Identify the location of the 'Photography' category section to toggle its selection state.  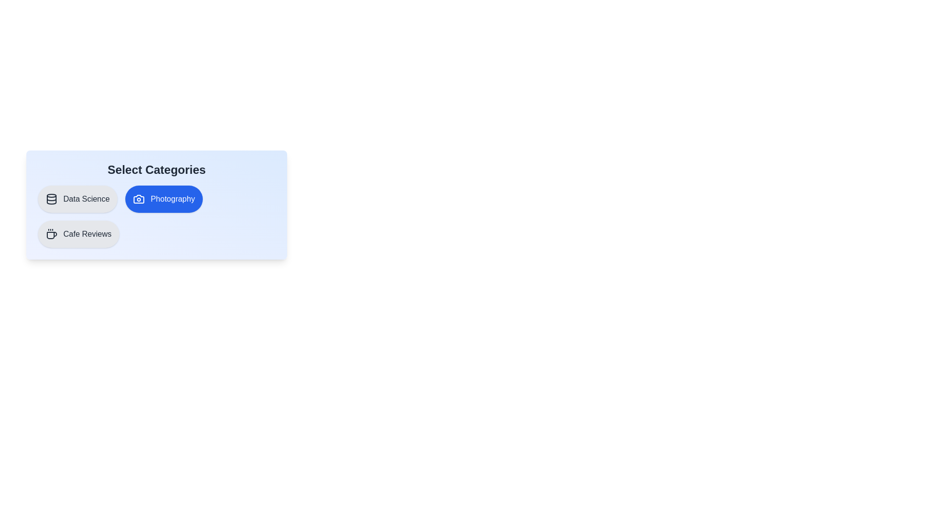
(164, 198).